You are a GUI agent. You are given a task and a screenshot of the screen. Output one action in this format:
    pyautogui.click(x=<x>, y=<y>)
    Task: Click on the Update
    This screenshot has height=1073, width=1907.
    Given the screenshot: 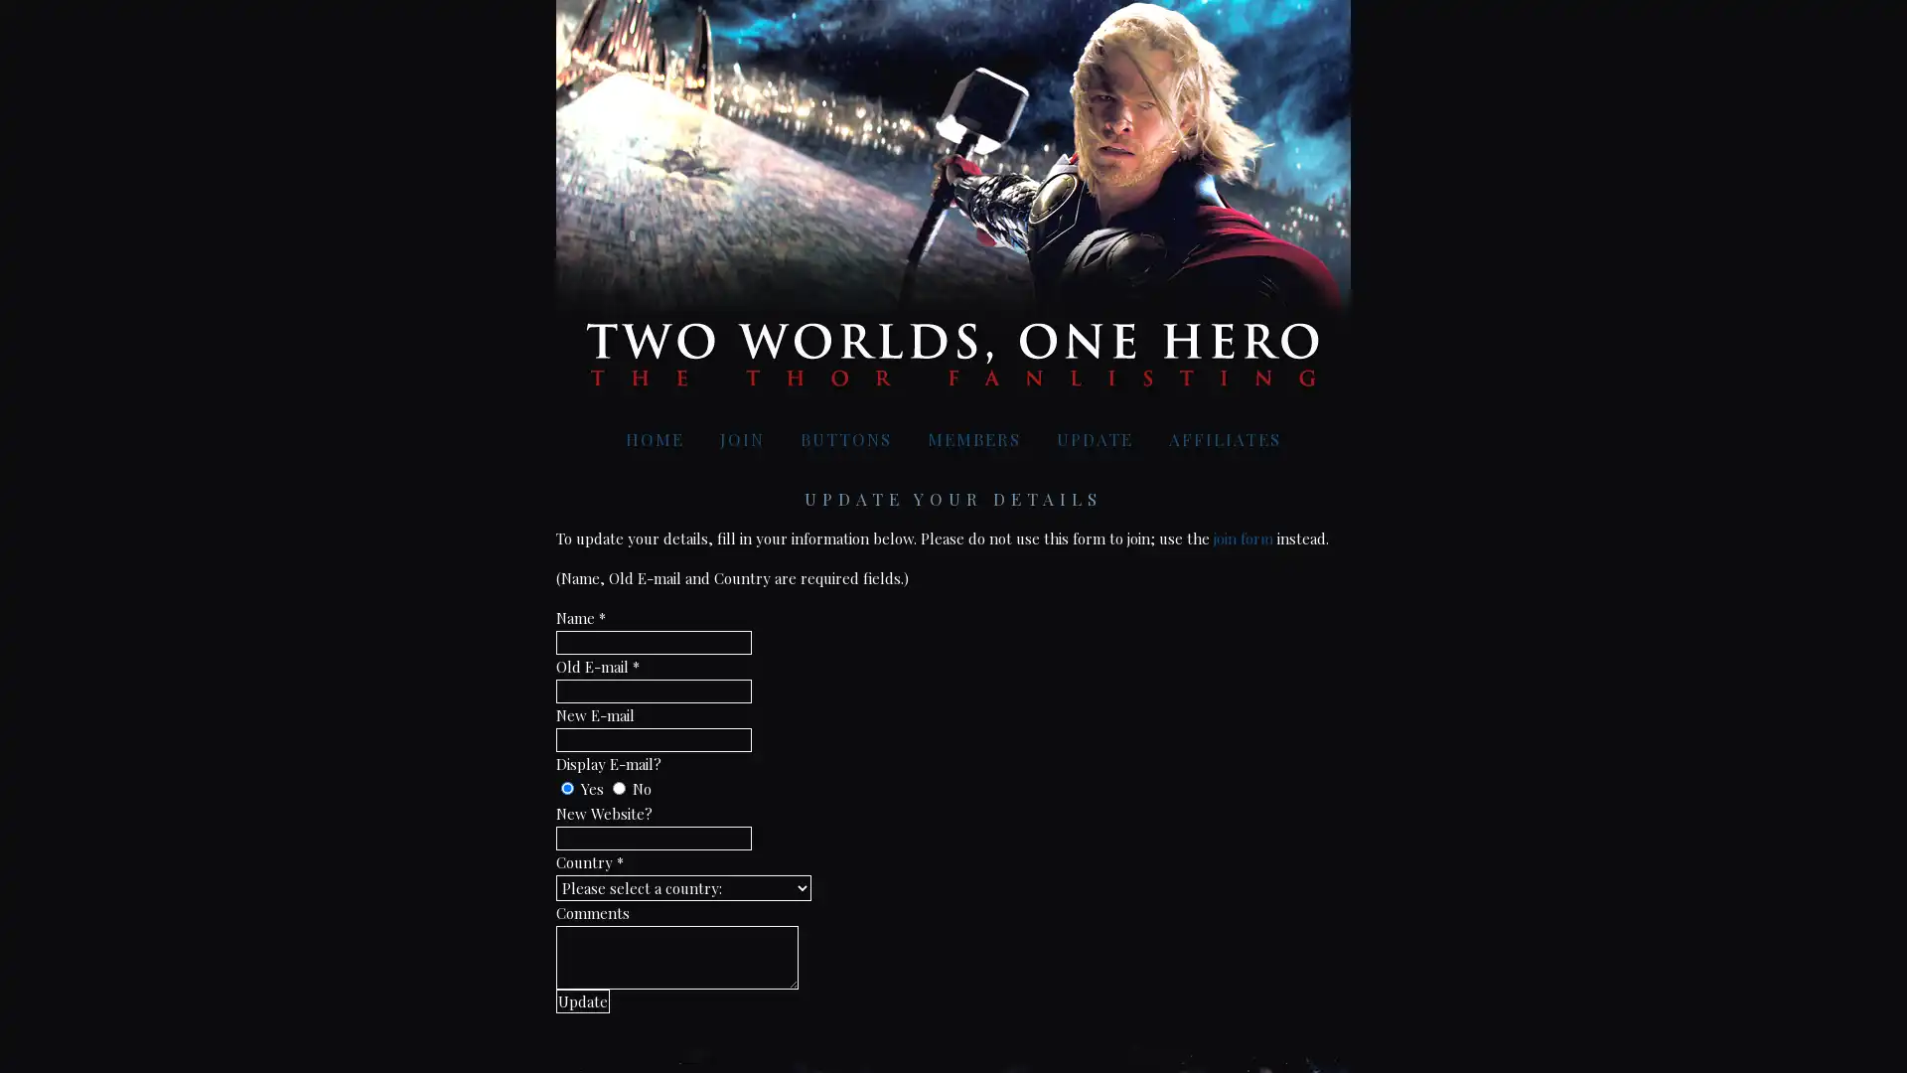 What is the action you would take?
    pyautogui.click(x=581, y=1000)
    